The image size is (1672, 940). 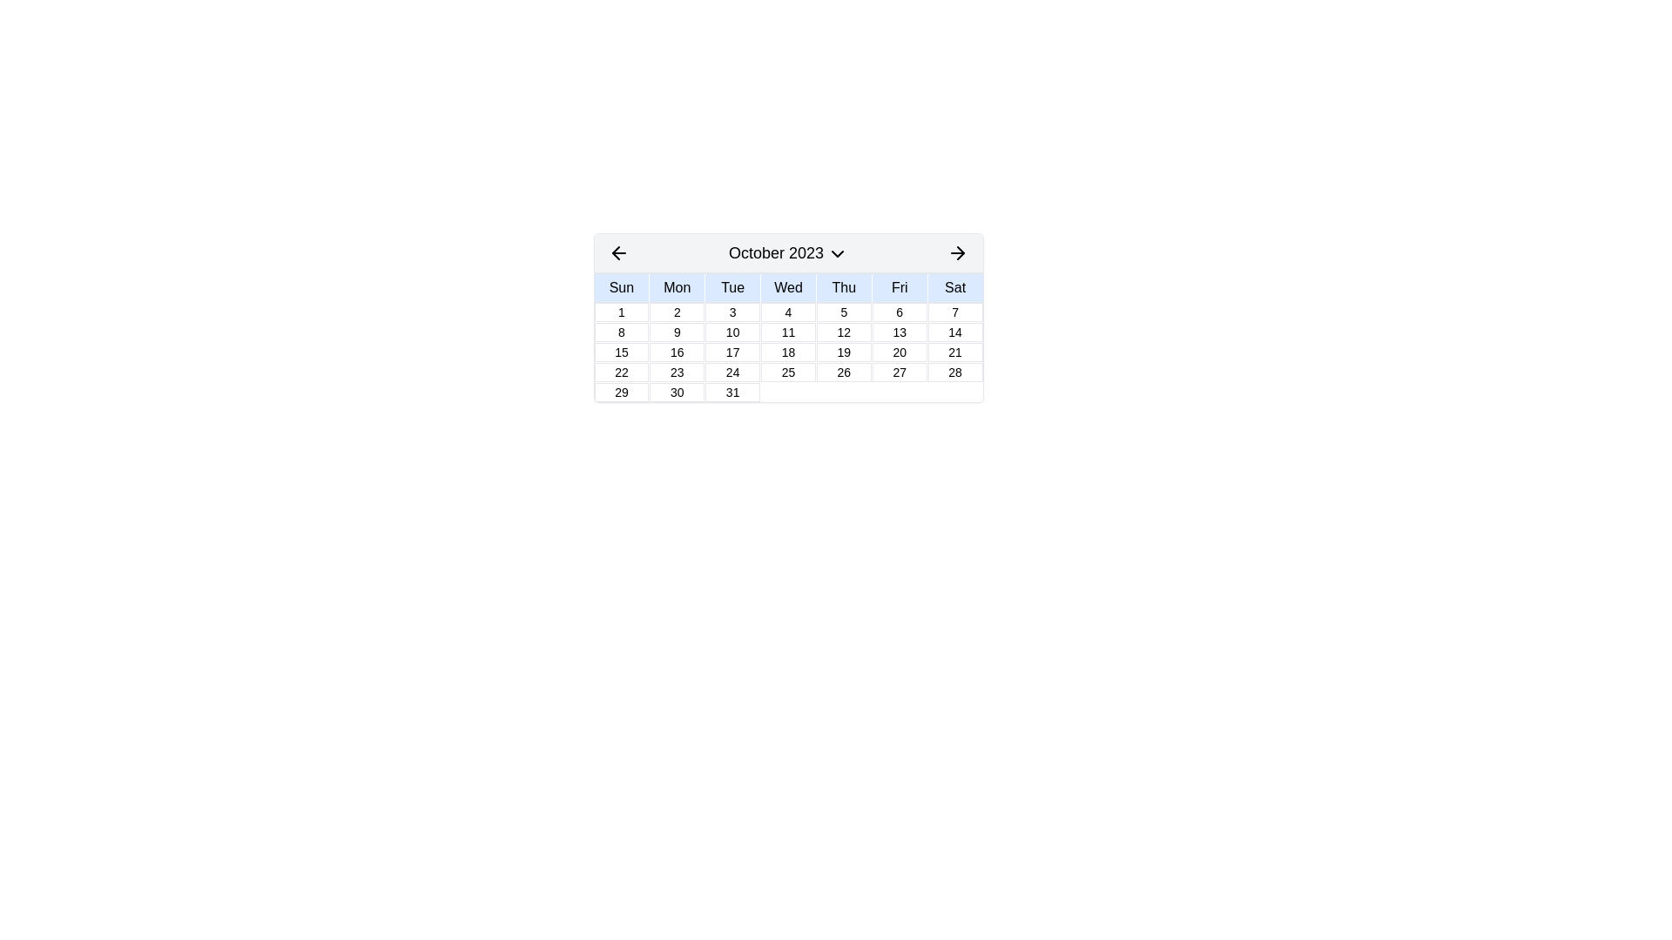 I want to click on the calendar date cell displaying the number '24' in black text, located in the fourth row and third column of the grid under the 'Tue' column header, so click(x=732, y=372).